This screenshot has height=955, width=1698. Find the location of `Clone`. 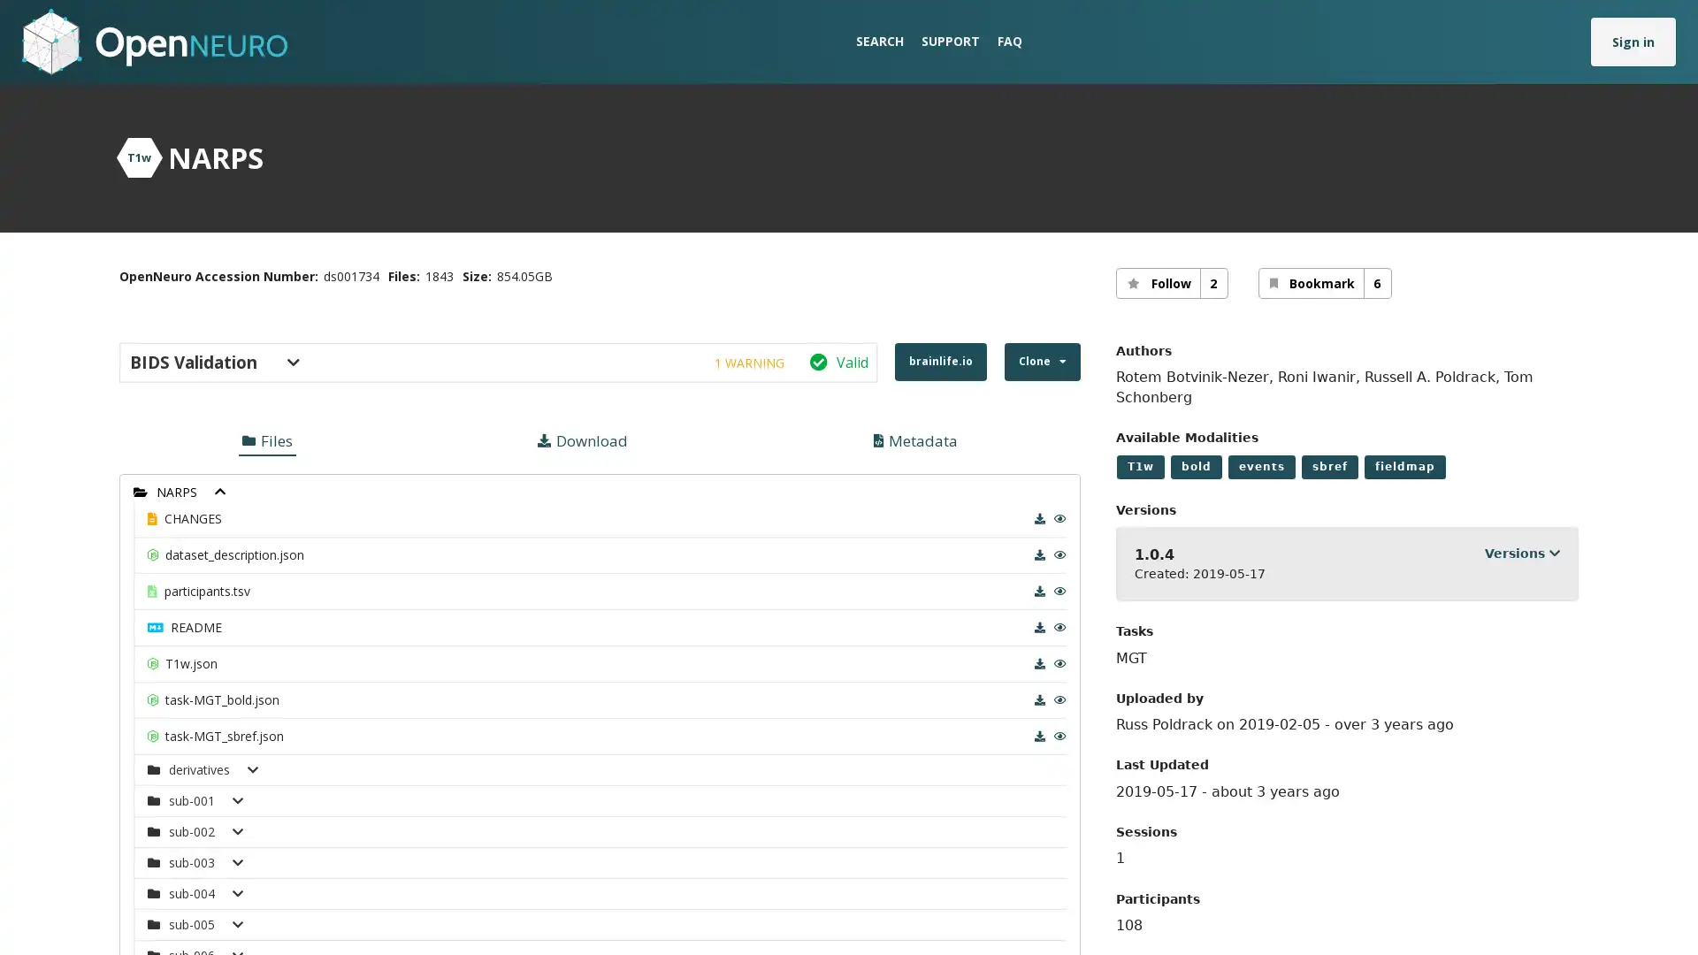

Clone is located at coordinates (1041, 361).